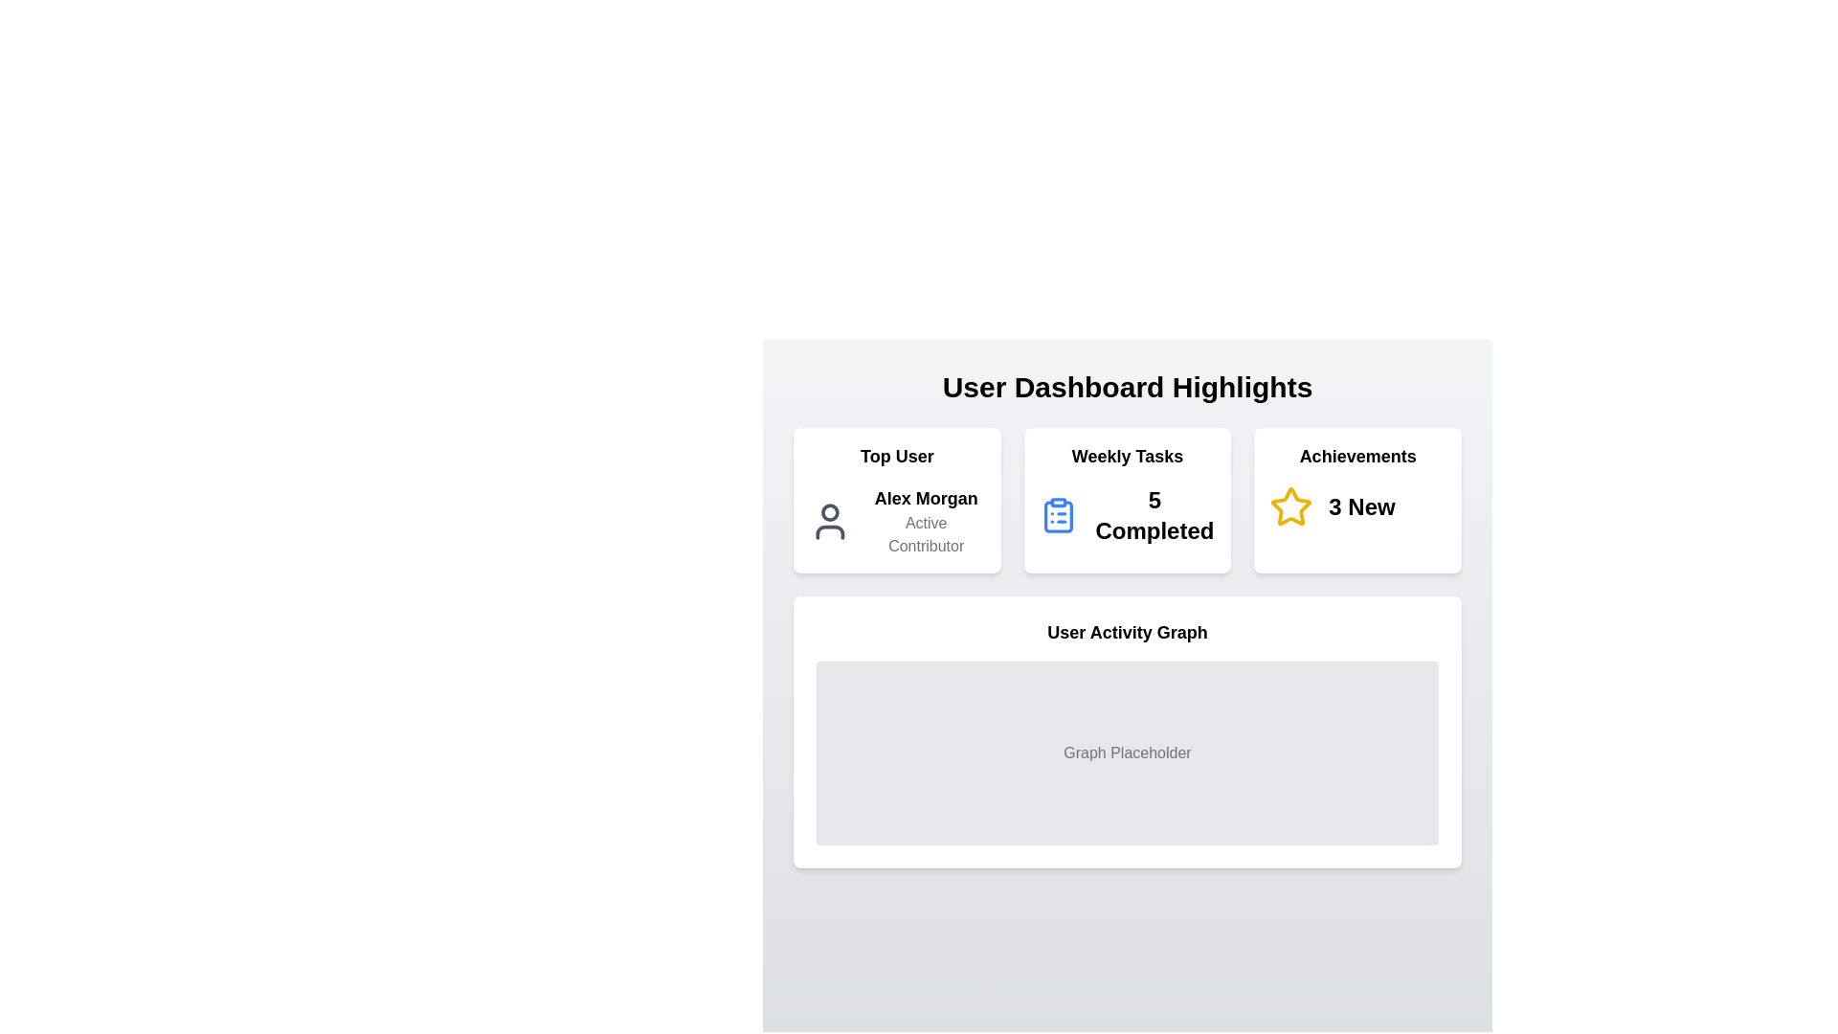  What do you see at coordinates (1127, 752) in the screenshot?
I see `the 'Graph Placeholder' component, which is a light gray box with rounded corners displaying the text 'Graph Placeholder', located within the 'User Activity Graph' card` at bounding box center [1127, 752].